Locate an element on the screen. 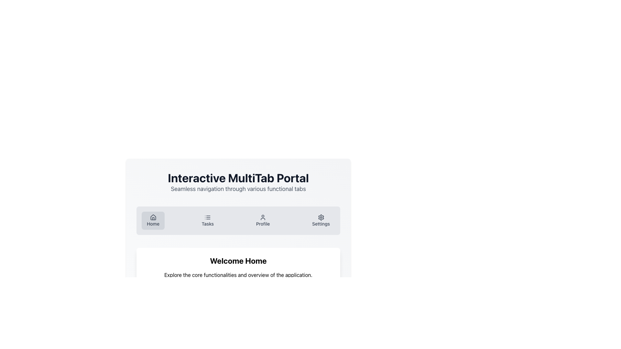 The height and width of the screenshot is (349, 621). the representation of the house-shaped vector icon located in the 'Home' button at the top of the interface is located at coordinates (153, 217).